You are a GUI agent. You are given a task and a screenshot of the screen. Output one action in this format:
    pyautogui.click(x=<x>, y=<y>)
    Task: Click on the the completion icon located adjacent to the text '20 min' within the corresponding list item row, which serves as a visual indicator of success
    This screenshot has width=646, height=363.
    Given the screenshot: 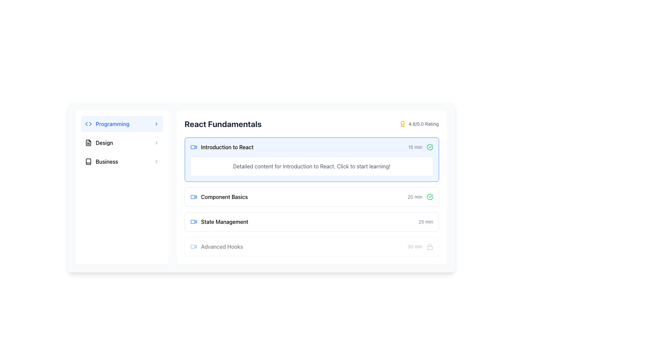 What is the action you would take?
    pyautogui.click(x=429, y=197)
    